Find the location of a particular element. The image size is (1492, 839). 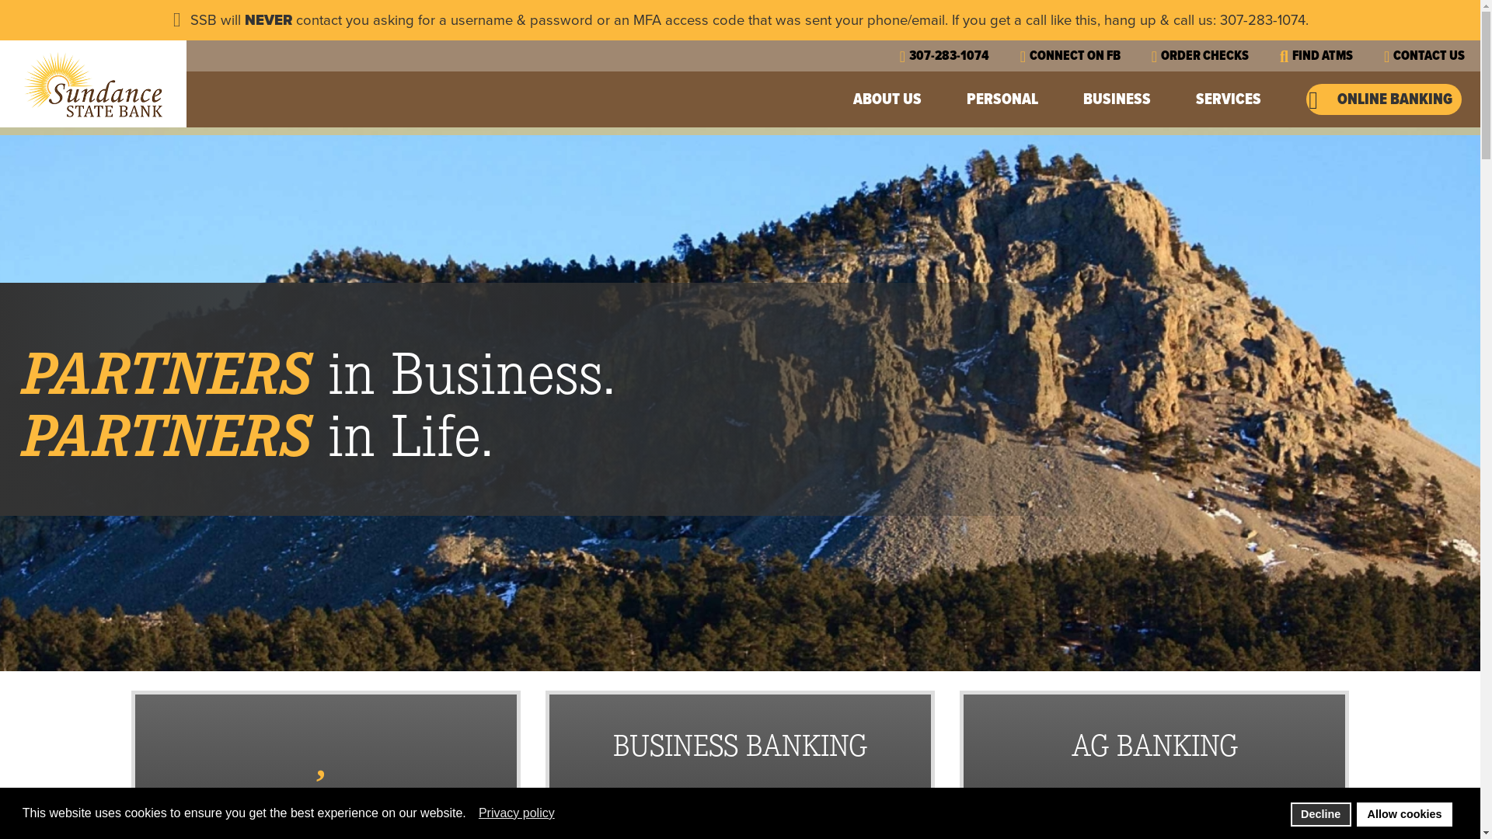

'CONTACT US' is located at coordinates (1383, 54).